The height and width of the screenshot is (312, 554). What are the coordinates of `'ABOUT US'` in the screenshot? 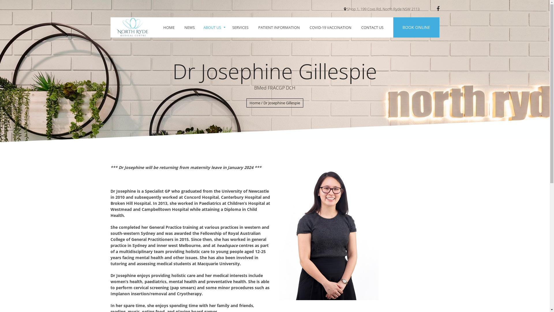 It's located at (213, 27).